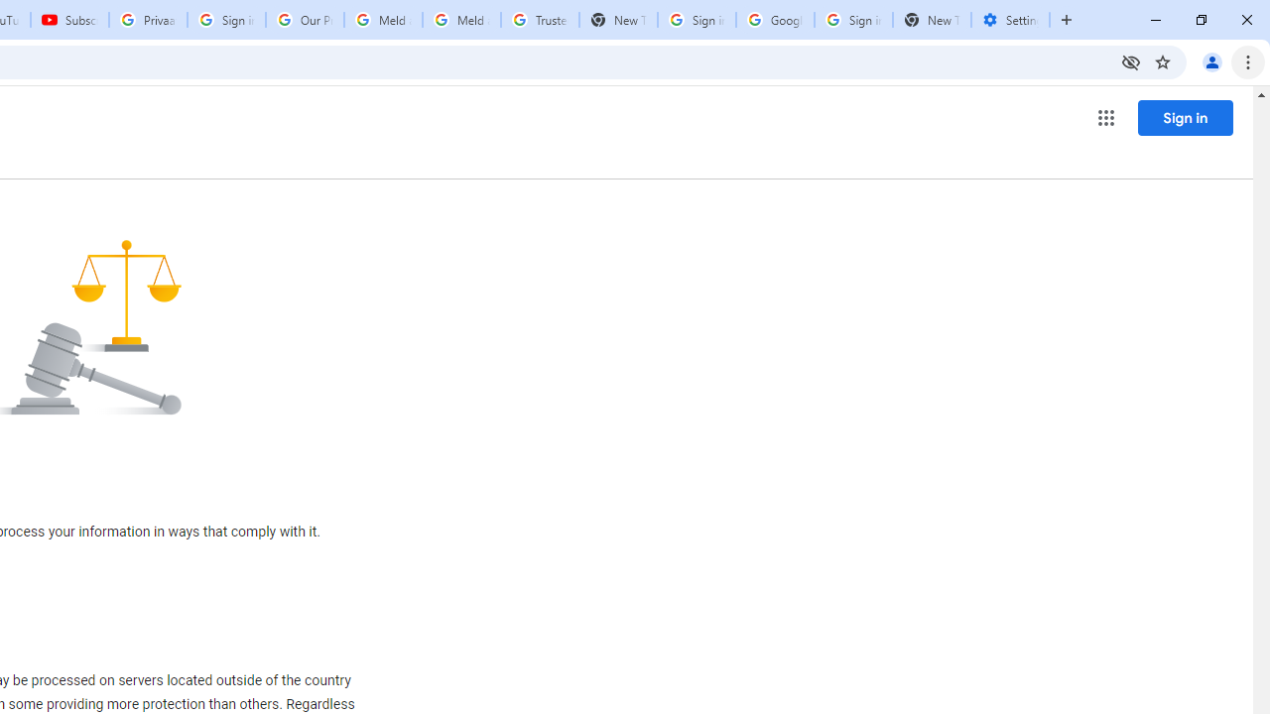 The width and height of the screenshot is (1270, 714). Describe the element at coordinates (540, 20) in the screenshot. I see `'Trusted Information and Content - Google Safety Center'` at that location.